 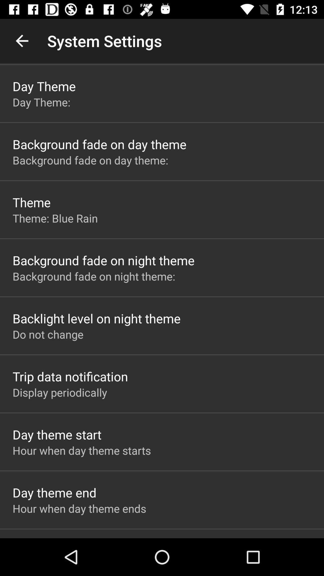 I want to click on the item next to system settings icon, so click(x=22, y=40).